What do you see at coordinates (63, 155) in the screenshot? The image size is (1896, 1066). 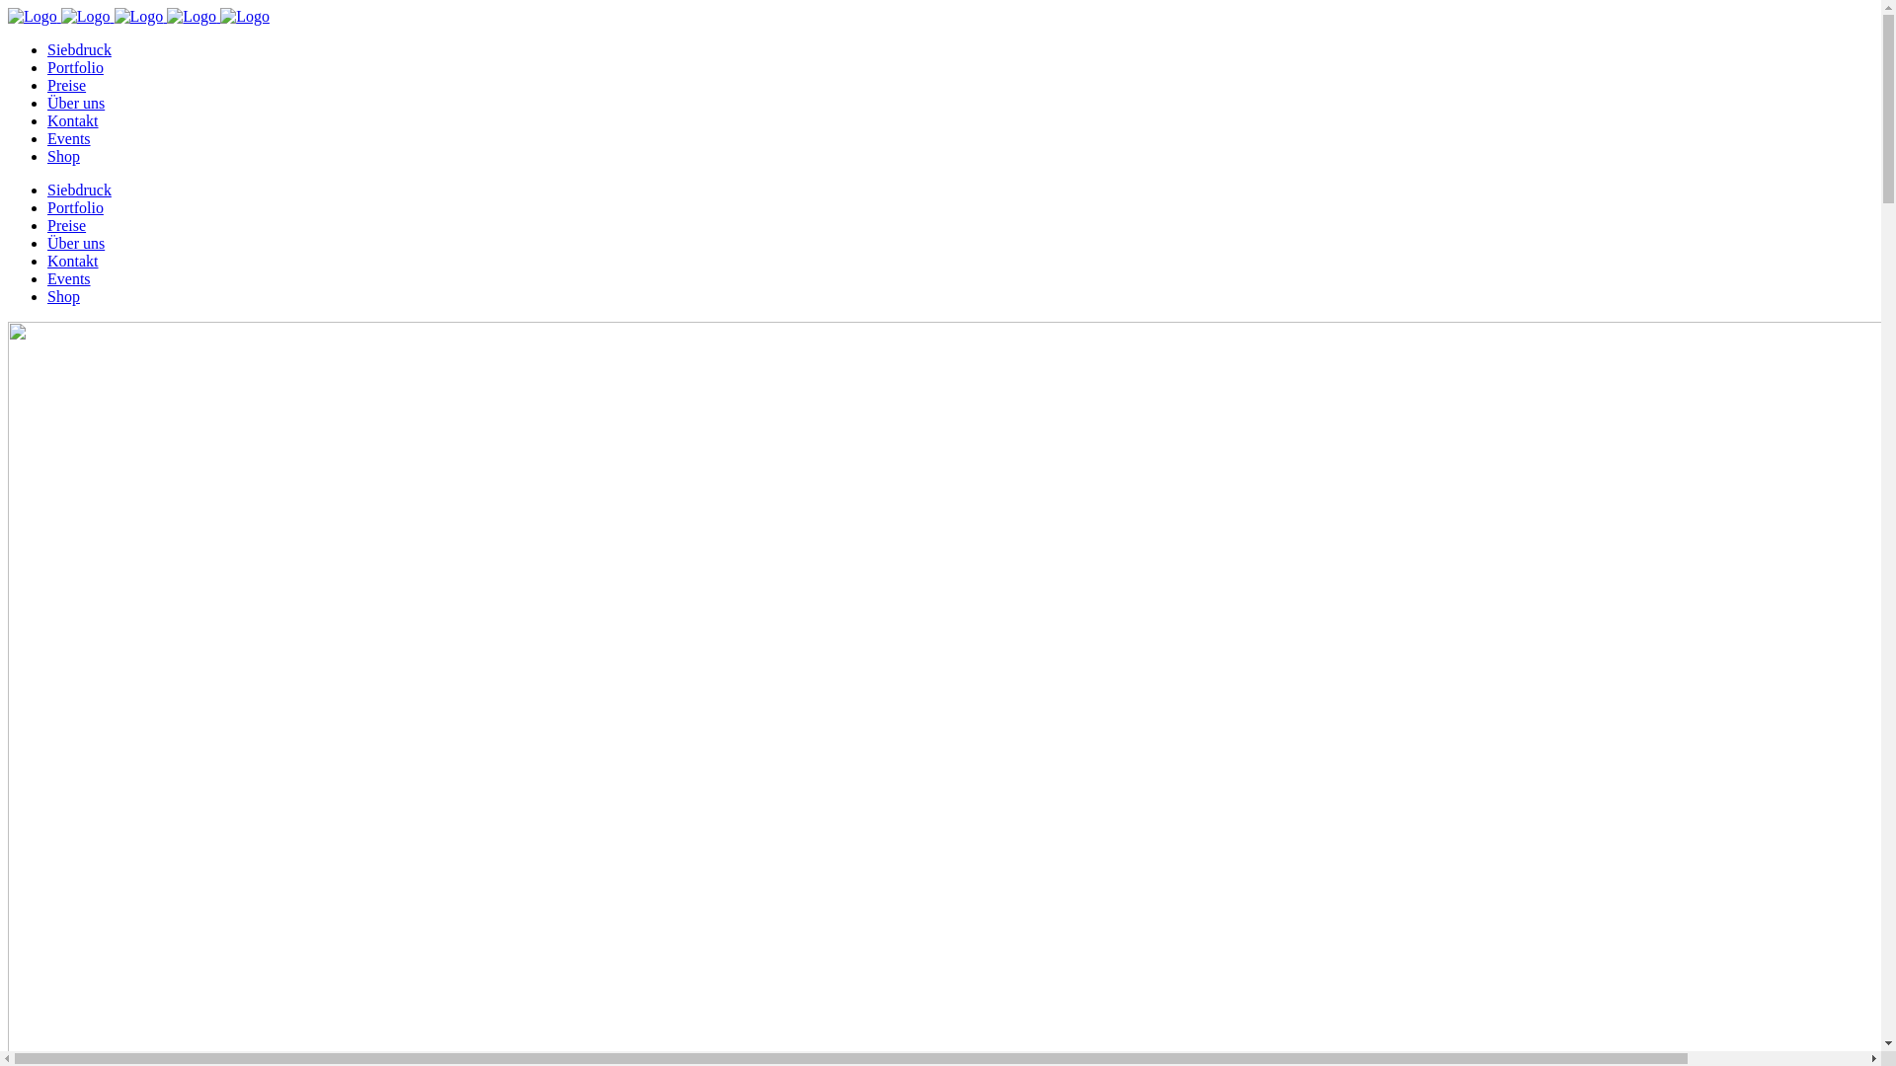 I see `'Shop'` at bounding box center [63, 155].